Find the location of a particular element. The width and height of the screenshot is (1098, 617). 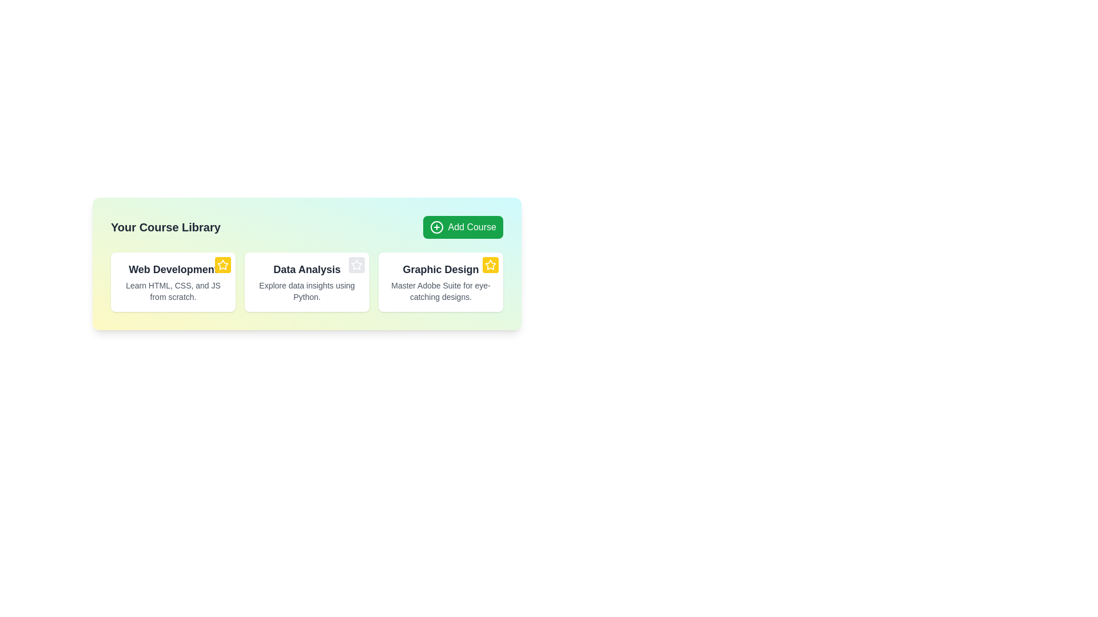

the small, rounded square button with a yellow background and a white star icon located in the top-right corner of the card titled 'Web Development' to mark or unmark as favorite is located at coordinates (222, 265).